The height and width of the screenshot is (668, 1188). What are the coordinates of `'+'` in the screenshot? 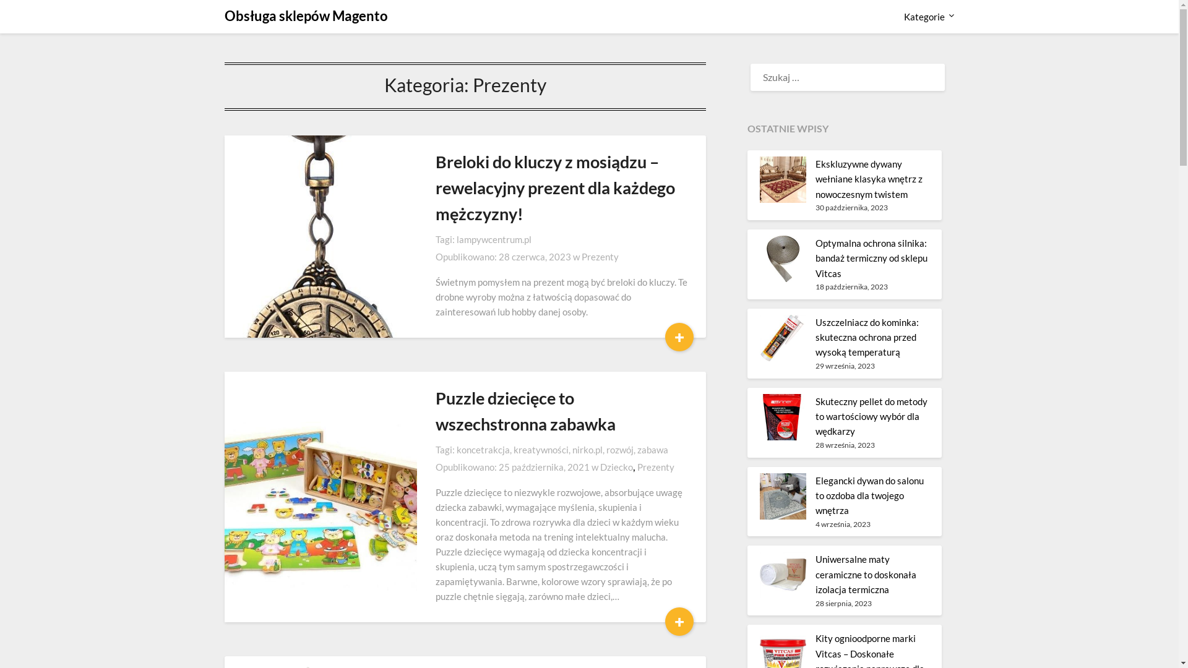 It's located at (679, 336).